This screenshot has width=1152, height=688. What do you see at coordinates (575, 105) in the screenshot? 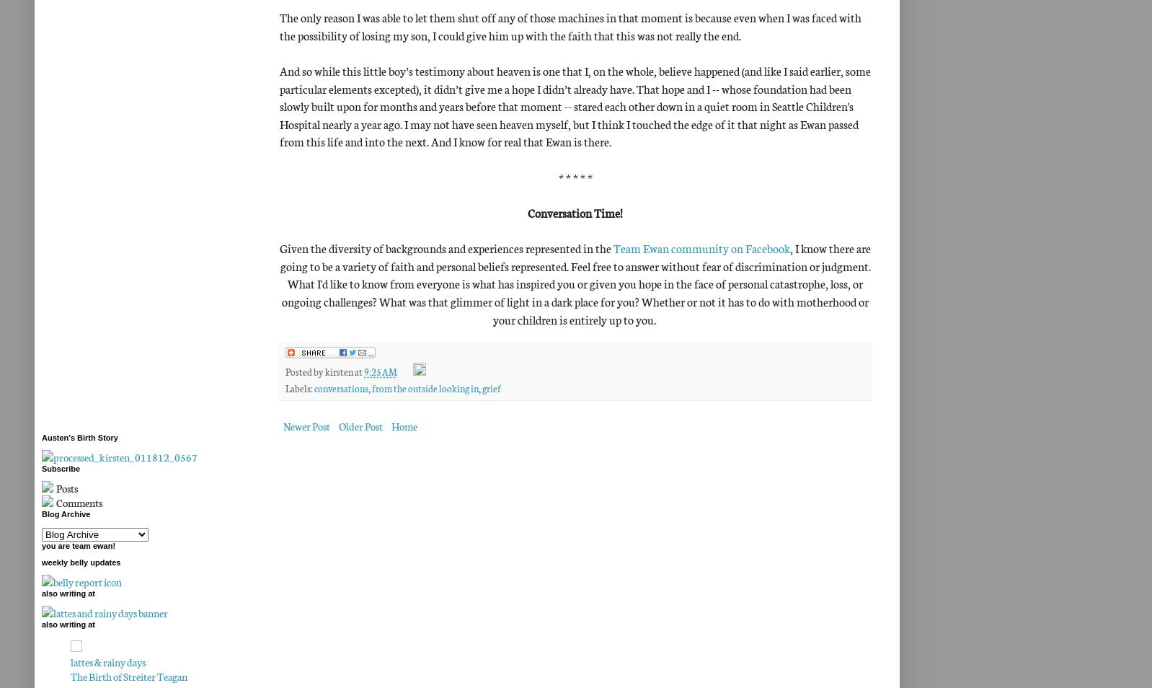
I see `'And so while this little boy’s testimony about heaven is one that I, on the whole, believe happened (and like I said earlier, some particular elements excepted), it didn’t give me a hope I didn’t already have. That hope and I -- whose foundation had been slowly built upon for months and years before that moment -- stared each other down in a quiet room in Seattle Children's Hospital nearly a year ago. I may not have seen heaven myself, but I think I touched the edge of it that night as Ewan passed from this life and into the next. And I know for real that Ewan is there.'` at bounding box center [575, 105].